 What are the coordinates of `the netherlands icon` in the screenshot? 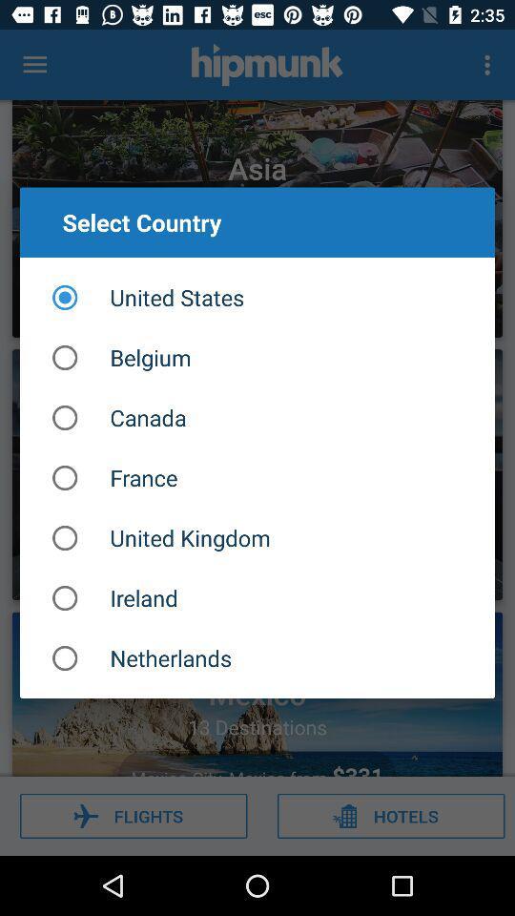 It's located at (257, 658).